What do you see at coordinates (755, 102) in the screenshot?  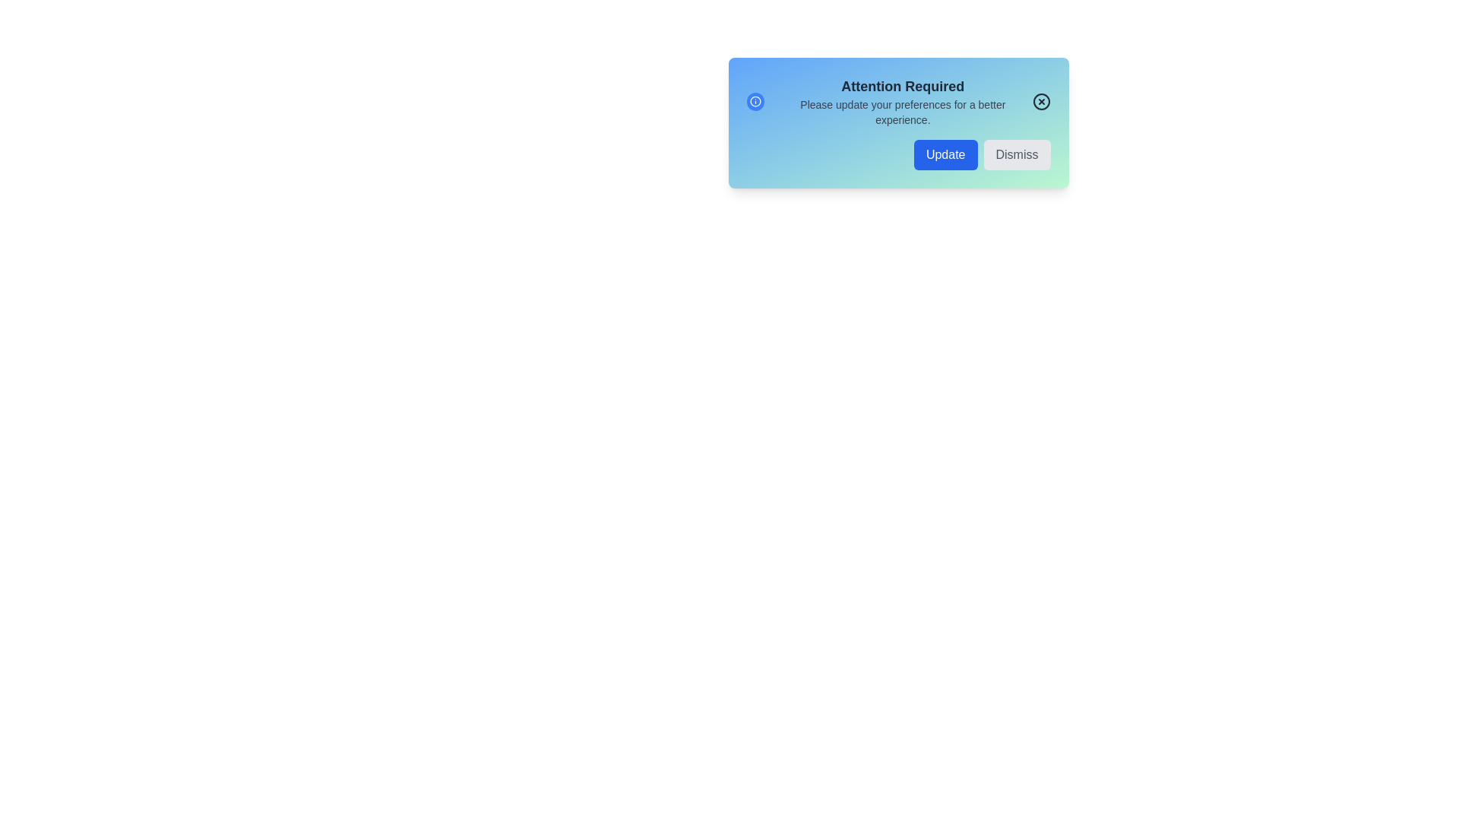 I see `the informational icon to explore its interactions` at bounding box center [755, 102].